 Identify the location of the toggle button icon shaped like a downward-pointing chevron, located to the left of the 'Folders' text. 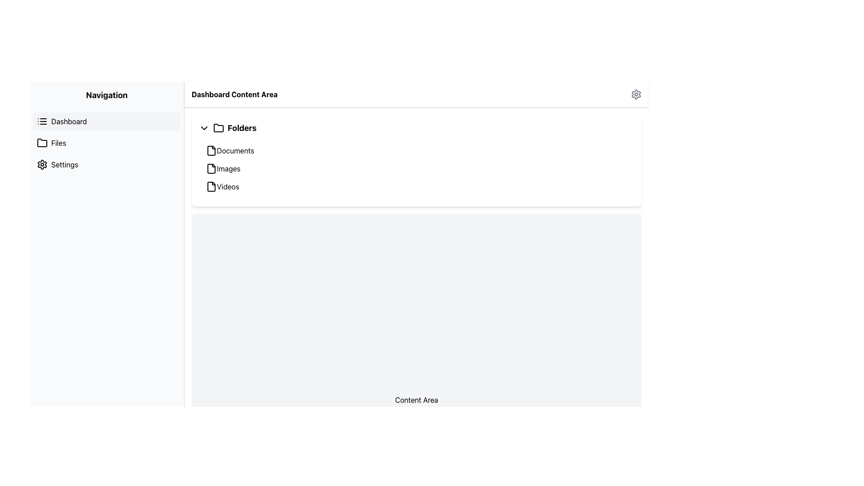
(204, 128).